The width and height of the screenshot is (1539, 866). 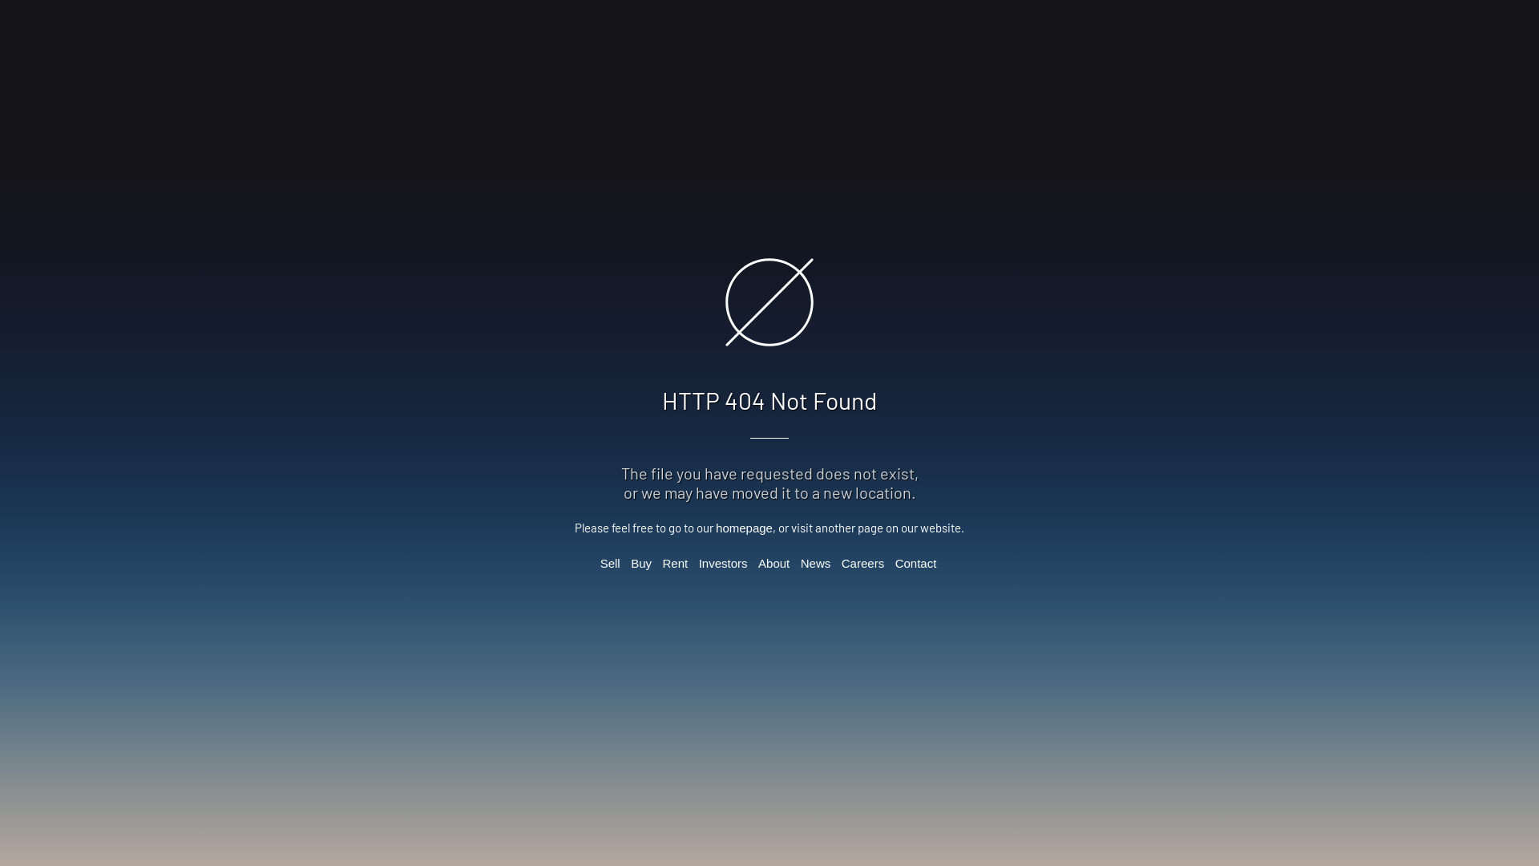 I want to click on 'News', so click(x=800, y=562).